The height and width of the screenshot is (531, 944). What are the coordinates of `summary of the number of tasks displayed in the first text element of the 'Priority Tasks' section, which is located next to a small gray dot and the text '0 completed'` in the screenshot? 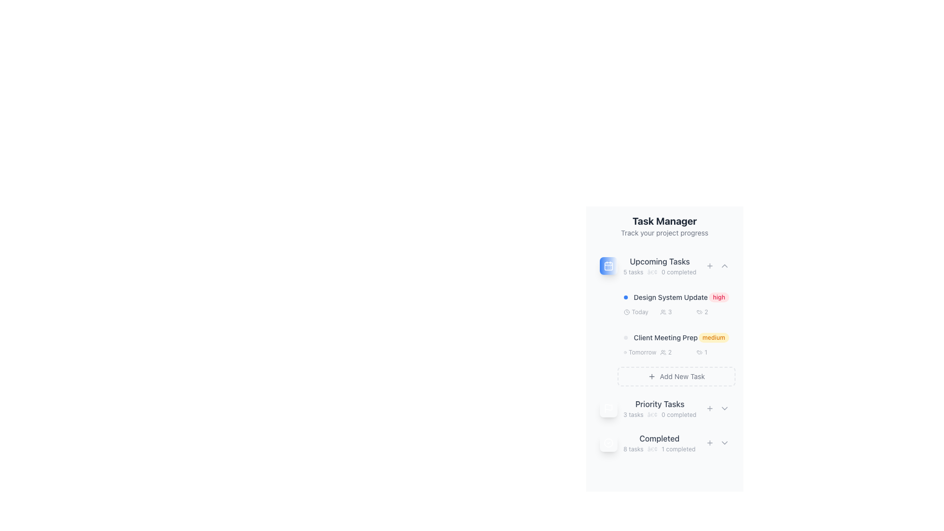 It's located at (633, 415).